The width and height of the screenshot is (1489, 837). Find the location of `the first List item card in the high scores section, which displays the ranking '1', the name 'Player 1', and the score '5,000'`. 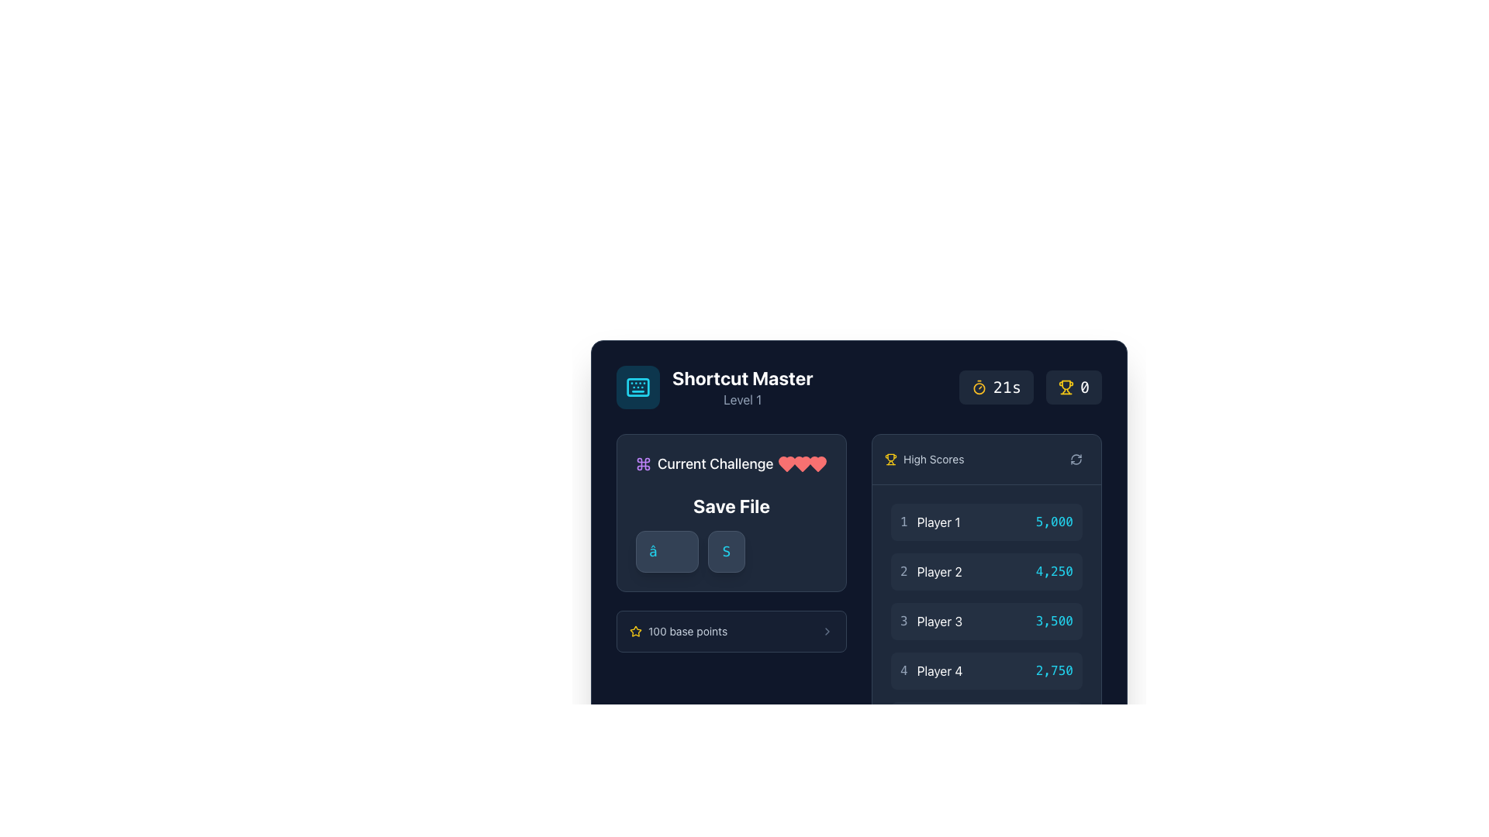

the first List item card in the high scores section, which displays the ranking '1', the name 'Player 1', and the score '5,000' is located at coordinates (986, 522).